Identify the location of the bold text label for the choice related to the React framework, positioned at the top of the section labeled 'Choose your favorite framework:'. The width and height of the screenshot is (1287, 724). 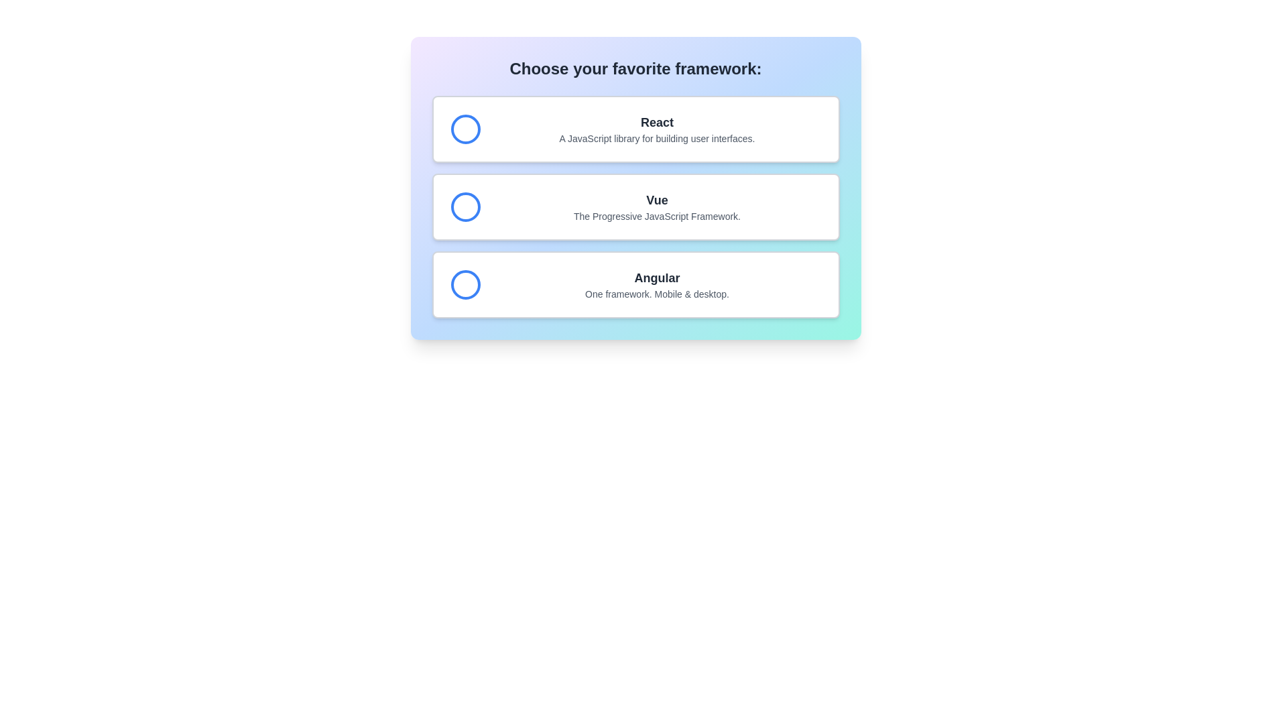
(657, 122).